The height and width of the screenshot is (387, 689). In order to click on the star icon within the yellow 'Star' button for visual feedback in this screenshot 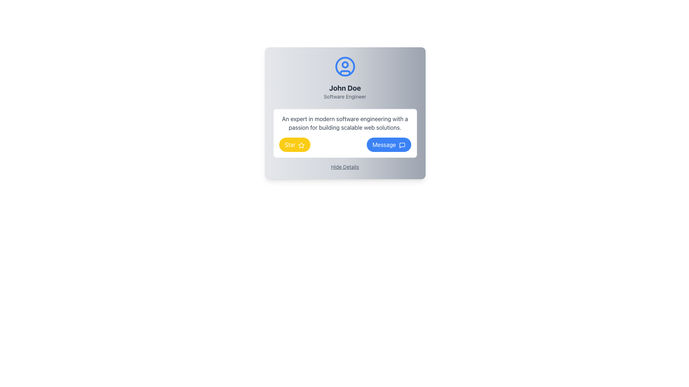, I will do `click(301, 145)`.